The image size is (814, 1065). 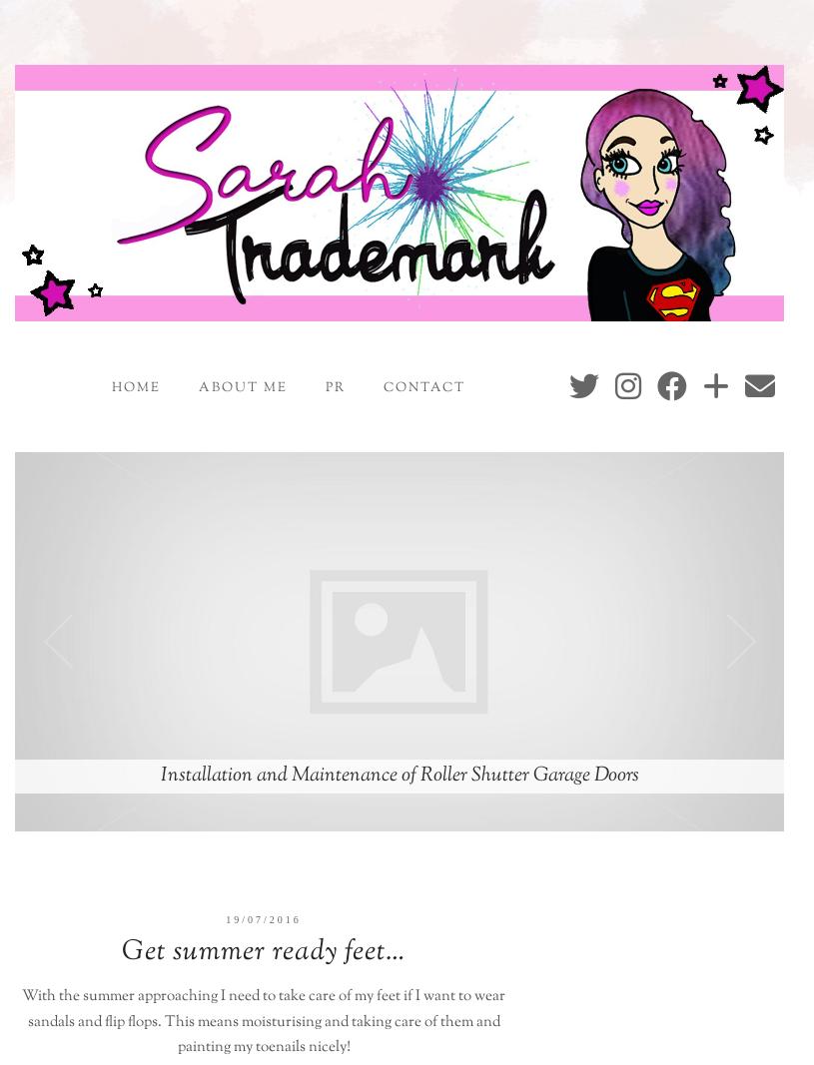 What do you see at coordinates (424, 385) in the screenshot?
I see `'Contact'` at bounding box center [424, 385].